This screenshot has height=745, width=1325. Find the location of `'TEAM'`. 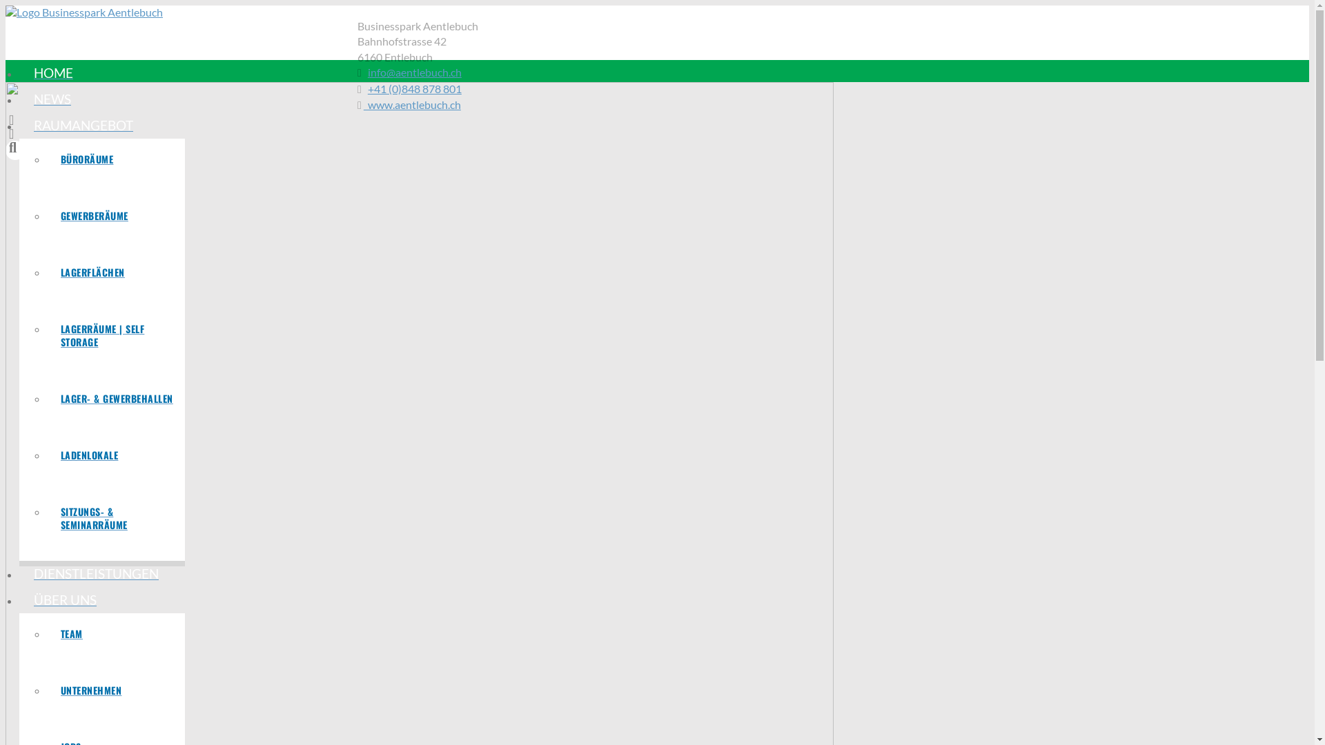

'TEAM' is located at coordinates (116, 641).